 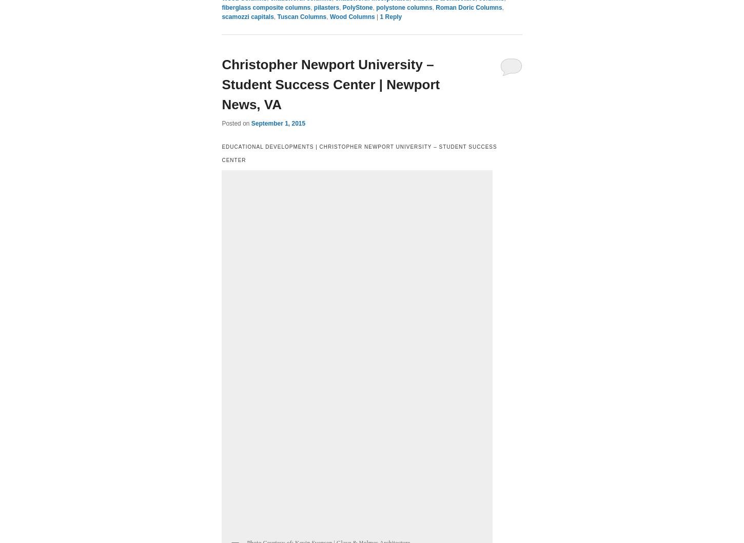 I want to click on '|', so click(x=378, y=17).